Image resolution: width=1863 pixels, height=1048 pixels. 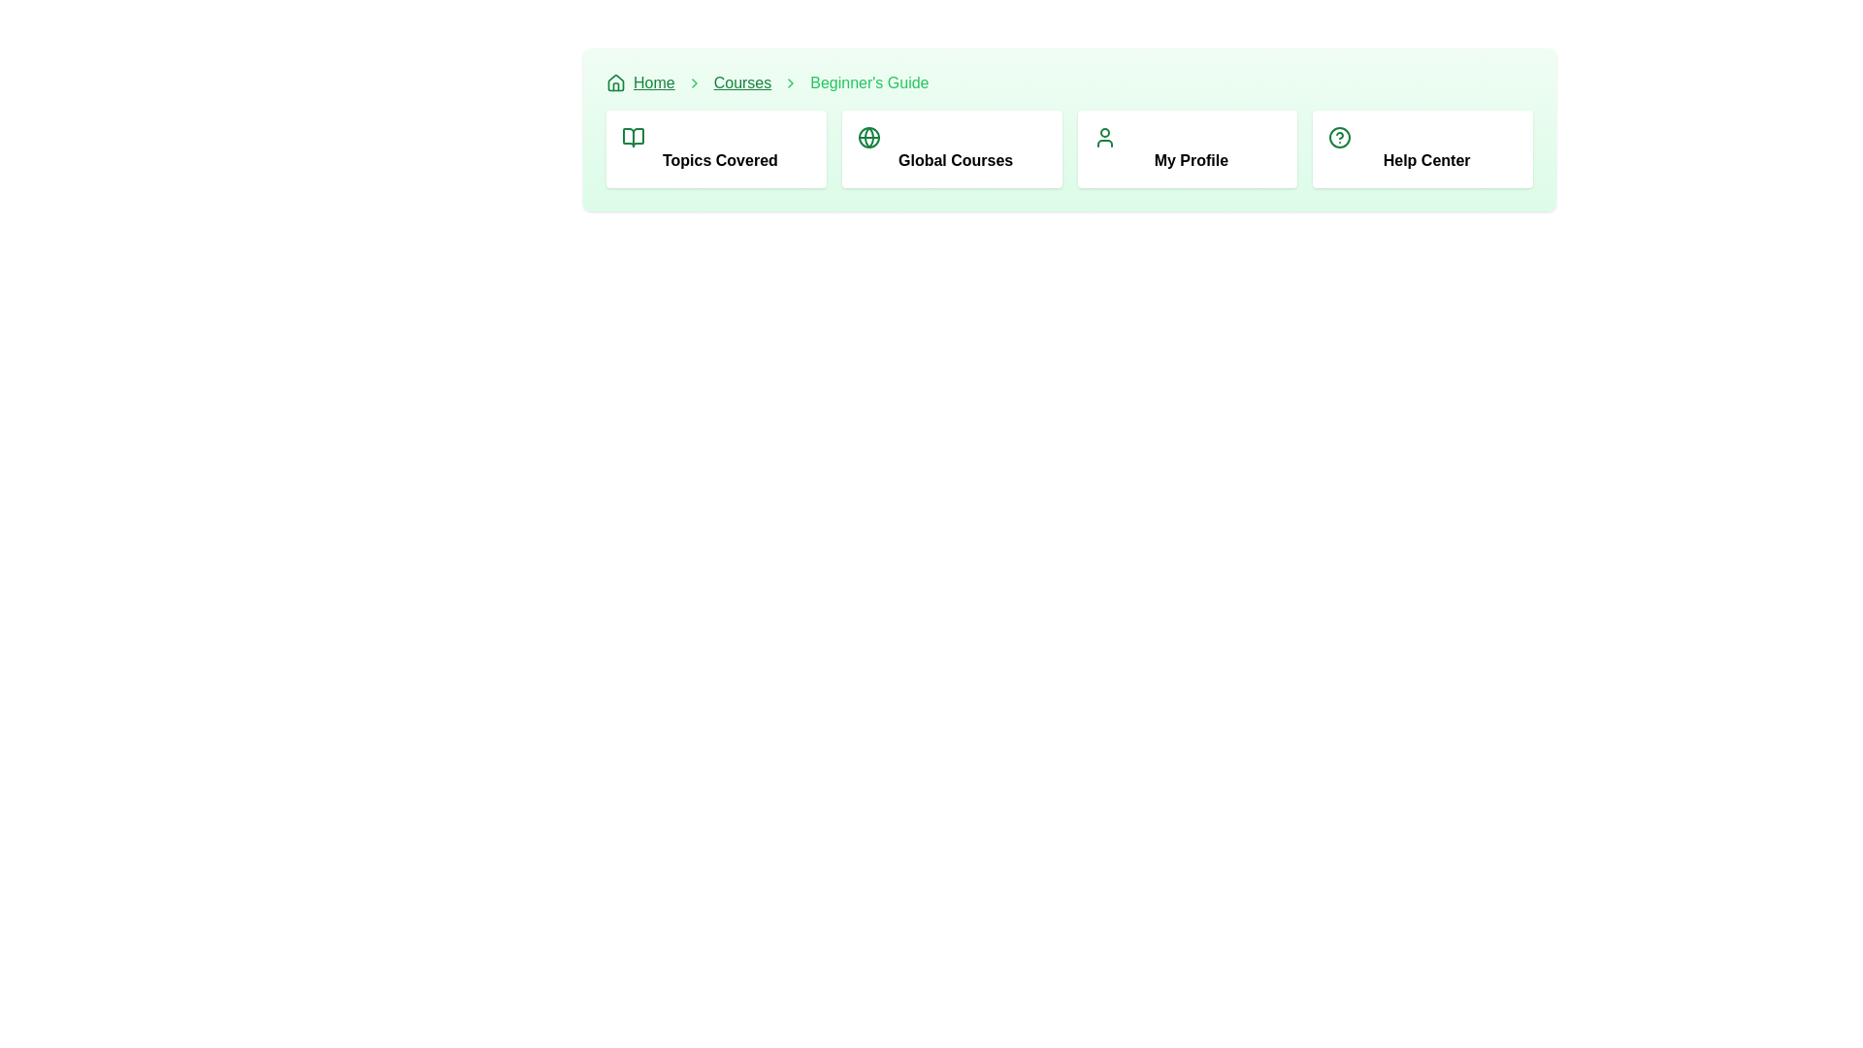 I want to click on the third button in the top-center section of the interface, so click(x=1186, y=148).